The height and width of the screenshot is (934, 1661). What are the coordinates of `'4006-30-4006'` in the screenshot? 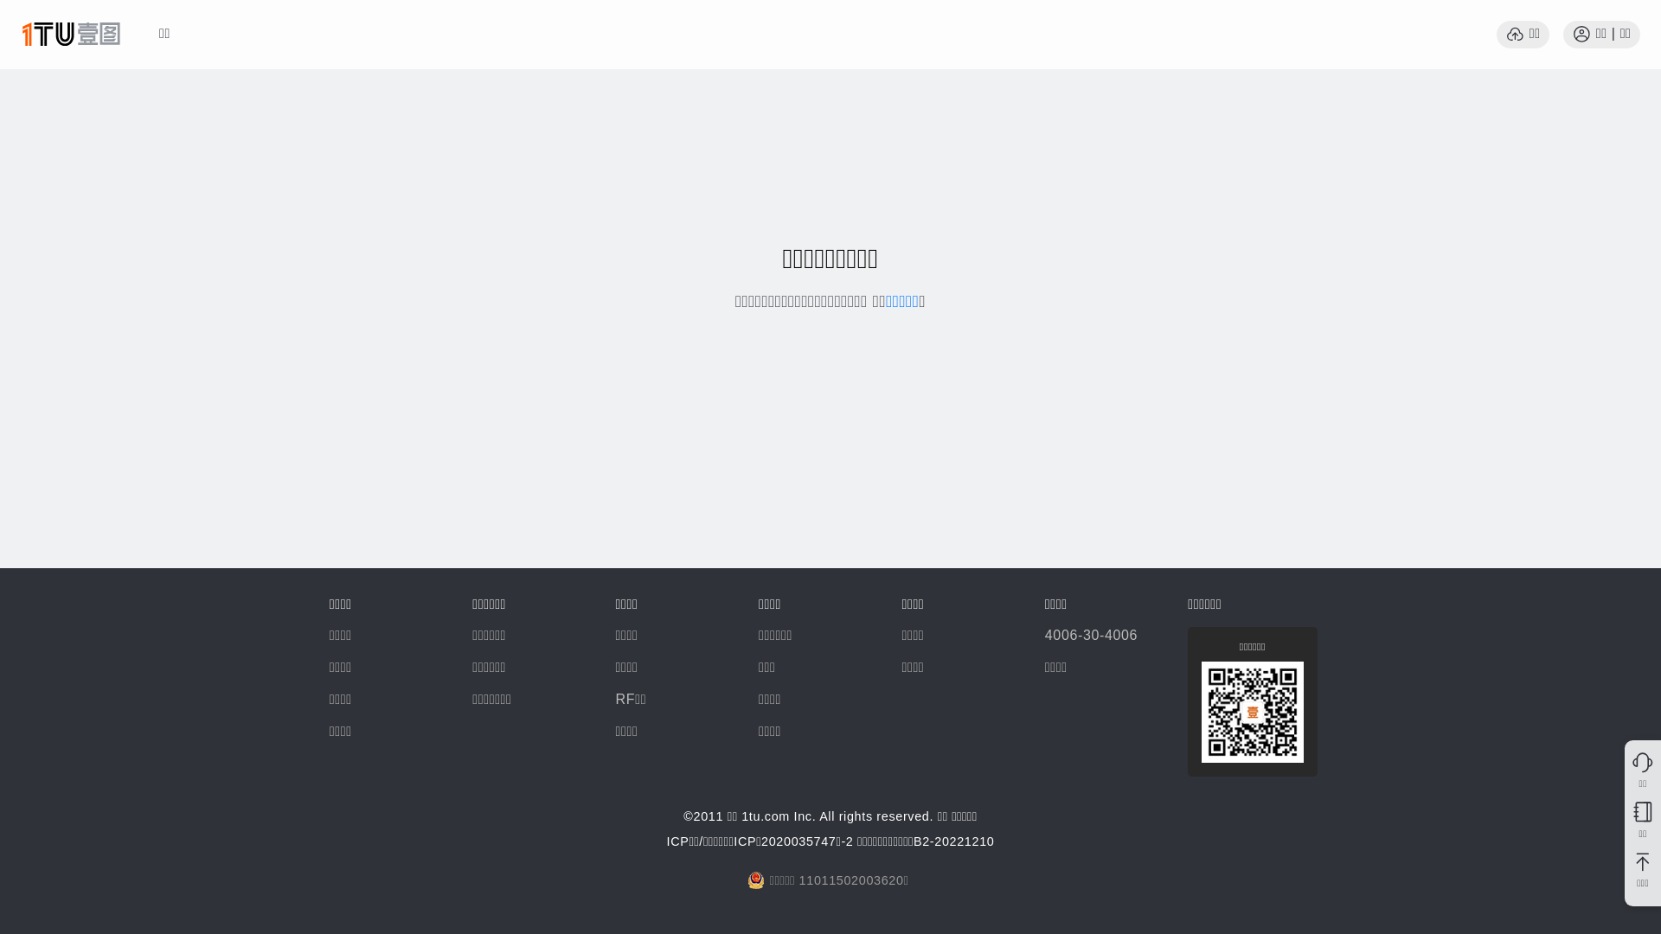 It's located at (1090, 635).